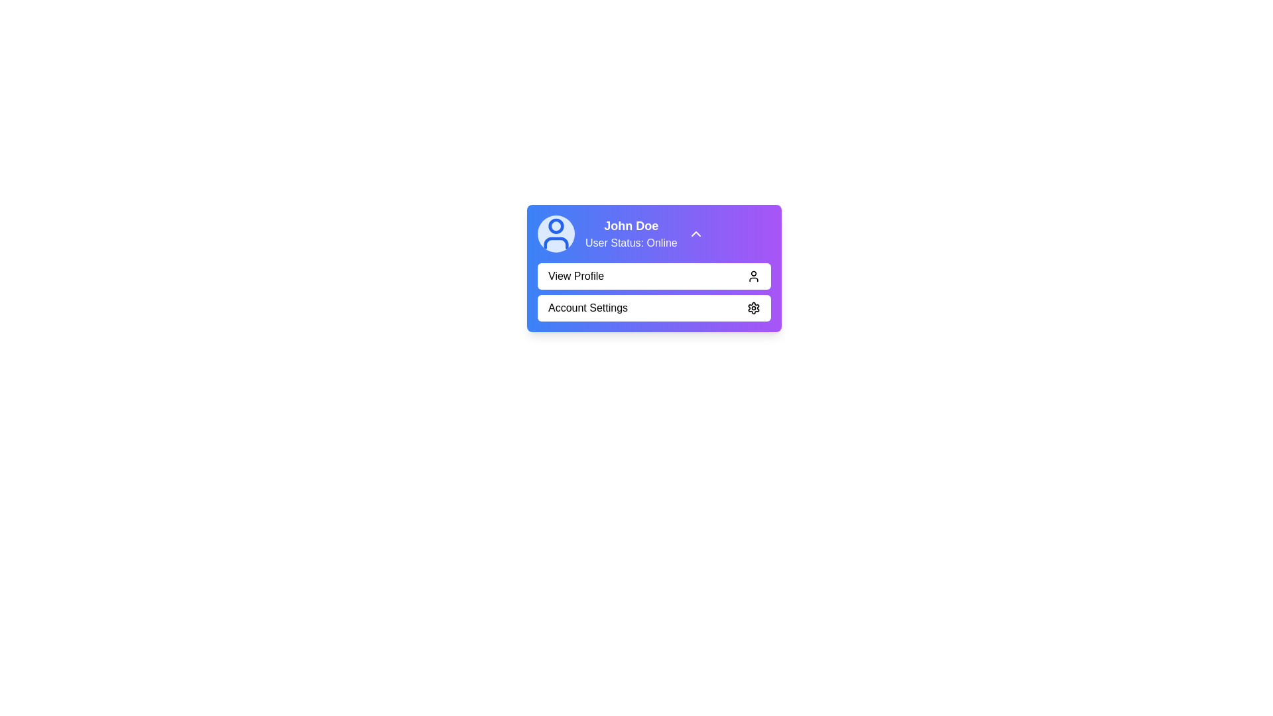 The height and width of the screenshot is (716, 1273). I want to click on the 'View Profile' button label text which is displayed in bold sans-serif font inside a slightly raised white button, located below the user's name and status text, so click(576, 275).